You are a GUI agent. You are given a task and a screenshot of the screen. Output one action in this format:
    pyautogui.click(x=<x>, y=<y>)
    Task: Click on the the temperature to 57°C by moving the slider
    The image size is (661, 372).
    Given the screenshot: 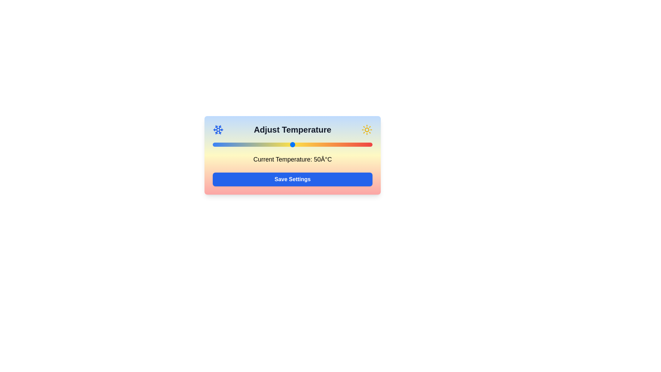 What is the action you would take?
    pyautogui.click(x=303, y=144)
    